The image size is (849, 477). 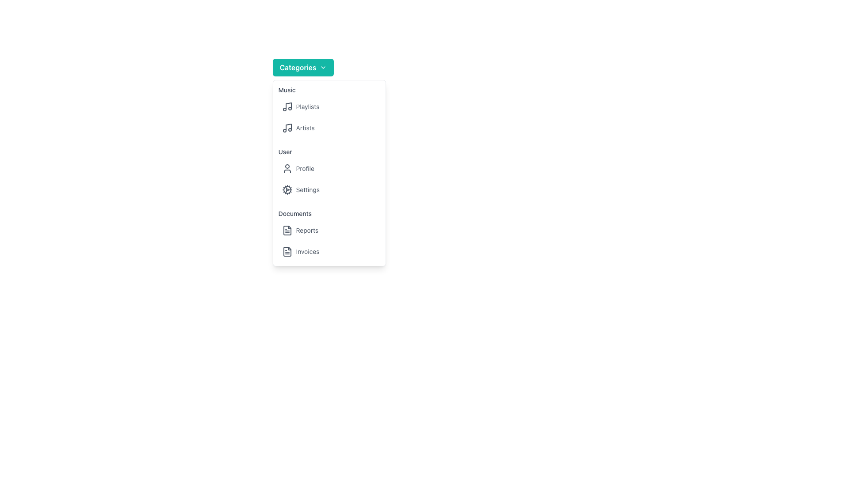 What do you see at coordinates (307, 230) in the screenshot?
I see `text from the Static Text Label for the 'Reports' section, which is the first item in the 'Documents' dropdown menu` at bounding box center [307, 230].